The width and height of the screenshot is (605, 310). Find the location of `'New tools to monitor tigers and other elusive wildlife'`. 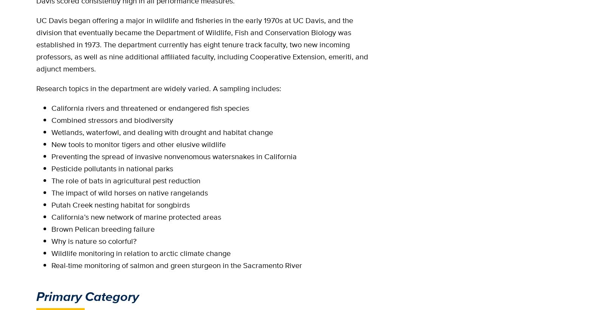

'New tools to monitor tigers and other elusive wildlife' is located at coordinates (51, 144).